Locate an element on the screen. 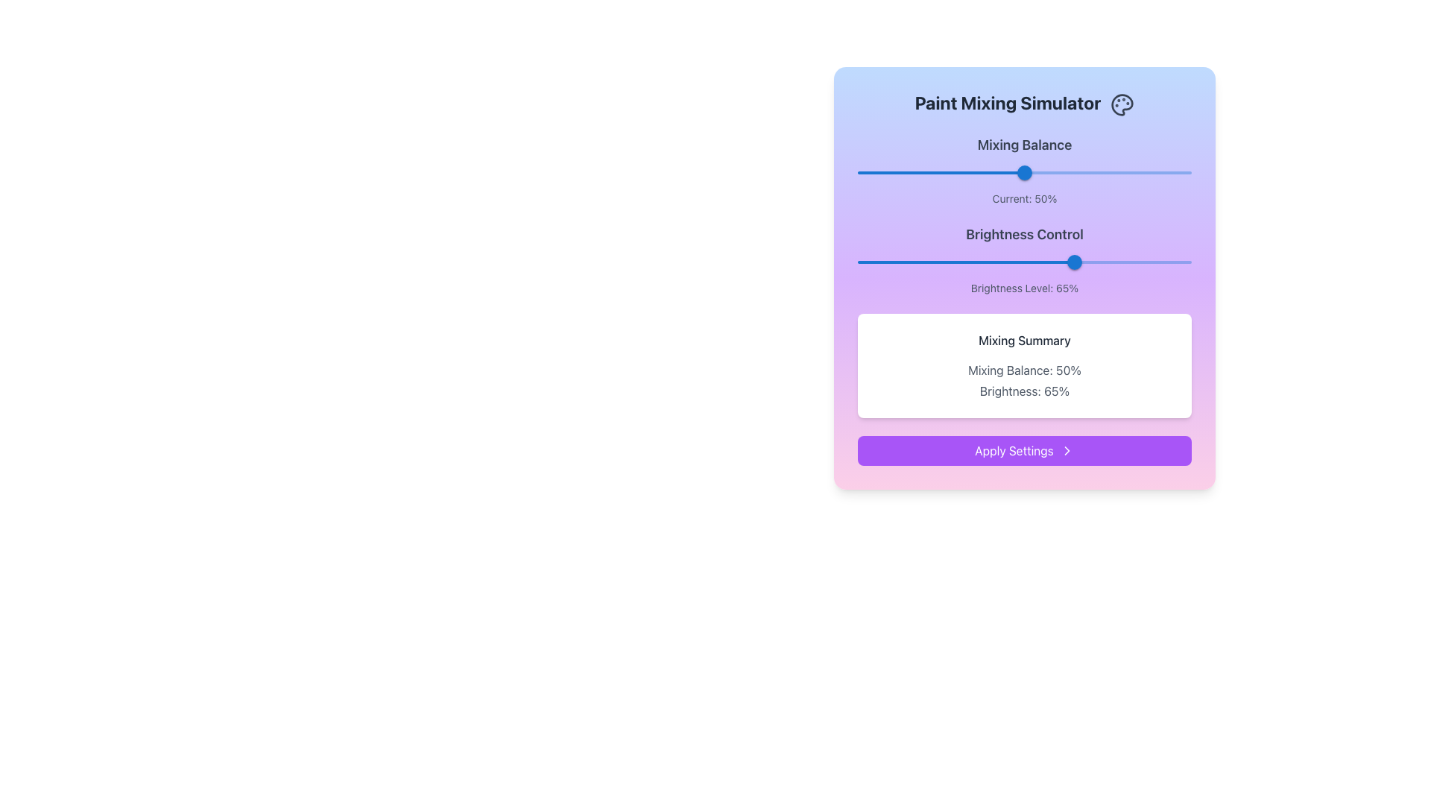 Image resolution: width=1431 pixels, height=805 pixels. the Progress Indicator of the 'Mixing Balance' slider, which visually represents the current value of the slider and extends to 50% of the slider's length is located at coordinates (940, 171).